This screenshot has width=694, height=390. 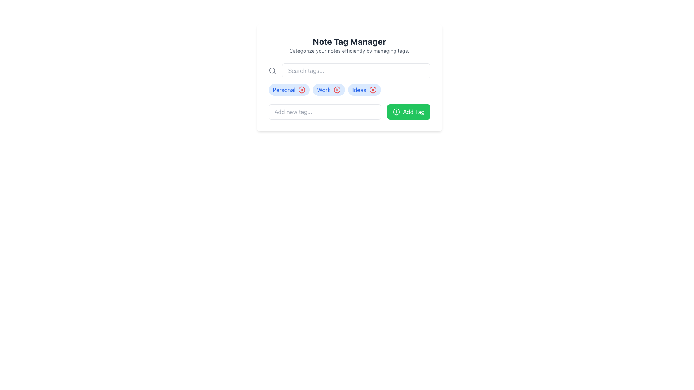 What do you see at coordinates (302, 90) in the screenshot?
I see `the interactive graphical element (circle) that is part of the close button for the 'Personal' tag located to the right of the 'Personal' label` at bounding box center [302, 90].